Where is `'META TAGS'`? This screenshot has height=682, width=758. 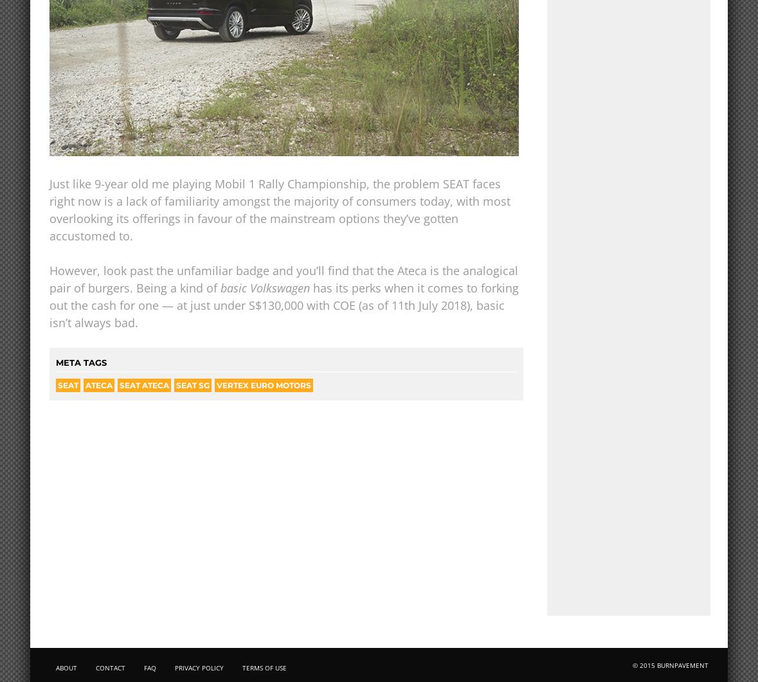 'META TAGS' is located at coordinates (80, 362).